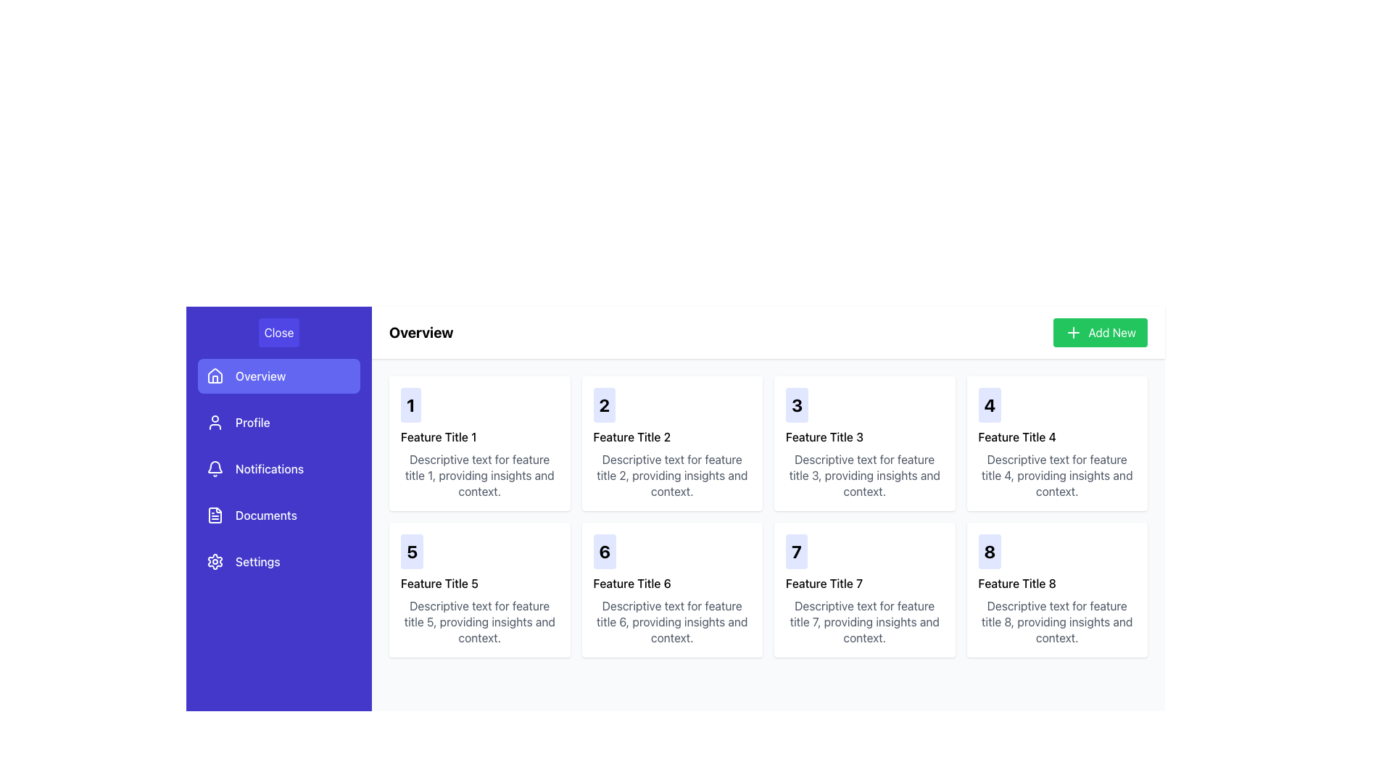 This screenshot has height=783, width=1392. Describe the element at coordinates (671, 621) in the screenshot. I see `the text block styled in gray, positioned below 'Feature Title 6' in the card layout` at that location.